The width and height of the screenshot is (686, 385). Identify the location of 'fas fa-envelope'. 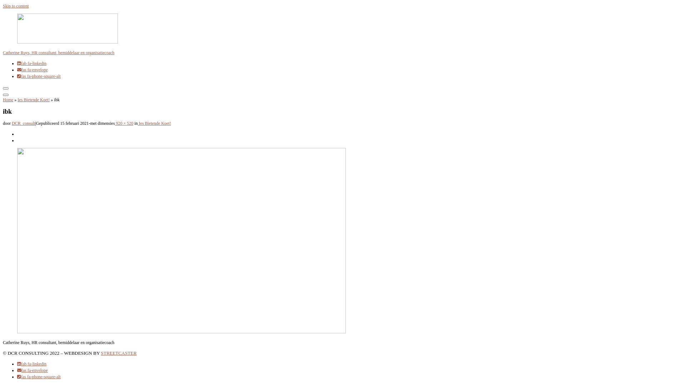
(32, 70).